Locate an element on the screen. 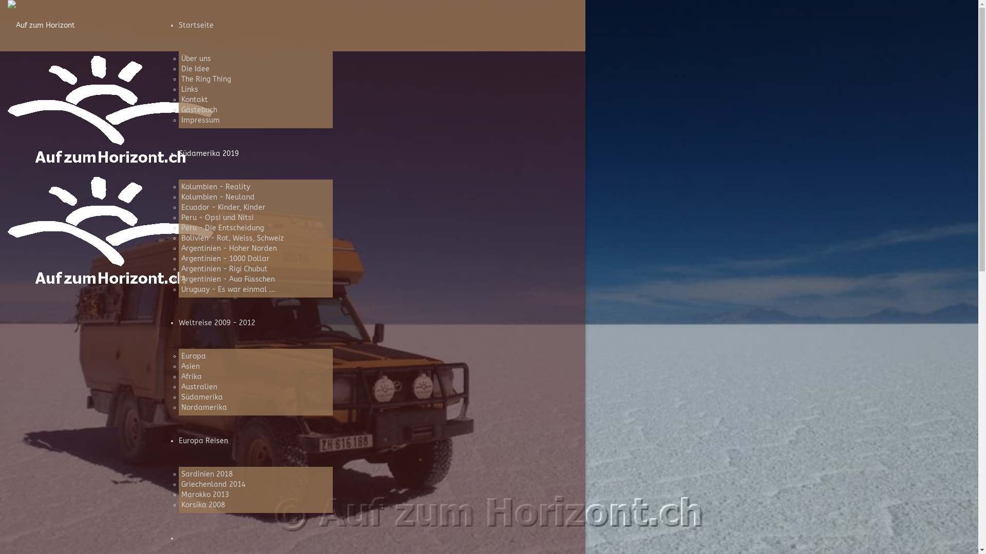  'Kolumbien - Reality' is located at coordinates (214, 187).